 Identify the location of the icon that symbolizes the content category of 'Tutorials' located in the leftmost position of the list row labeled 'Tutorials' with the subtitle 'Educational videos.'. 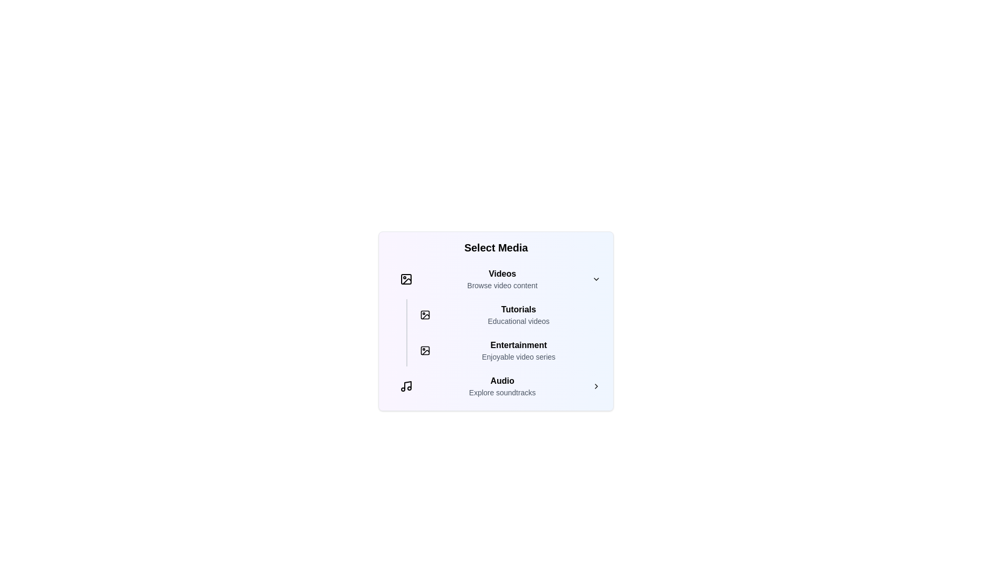
(425, 314).